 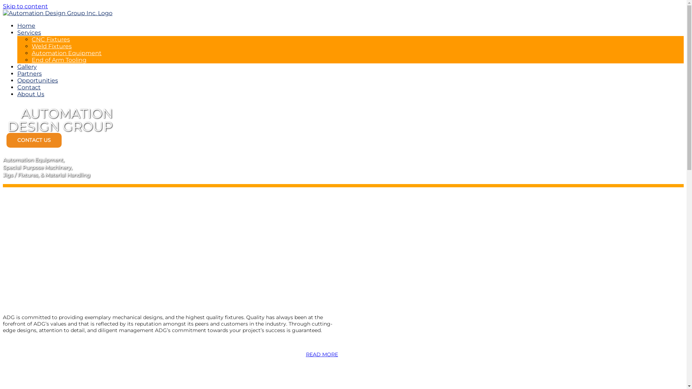 What do you see at coordinates (30, 94) in the screenshot?
I see `'About Us'` at bounding box center [30, 94].